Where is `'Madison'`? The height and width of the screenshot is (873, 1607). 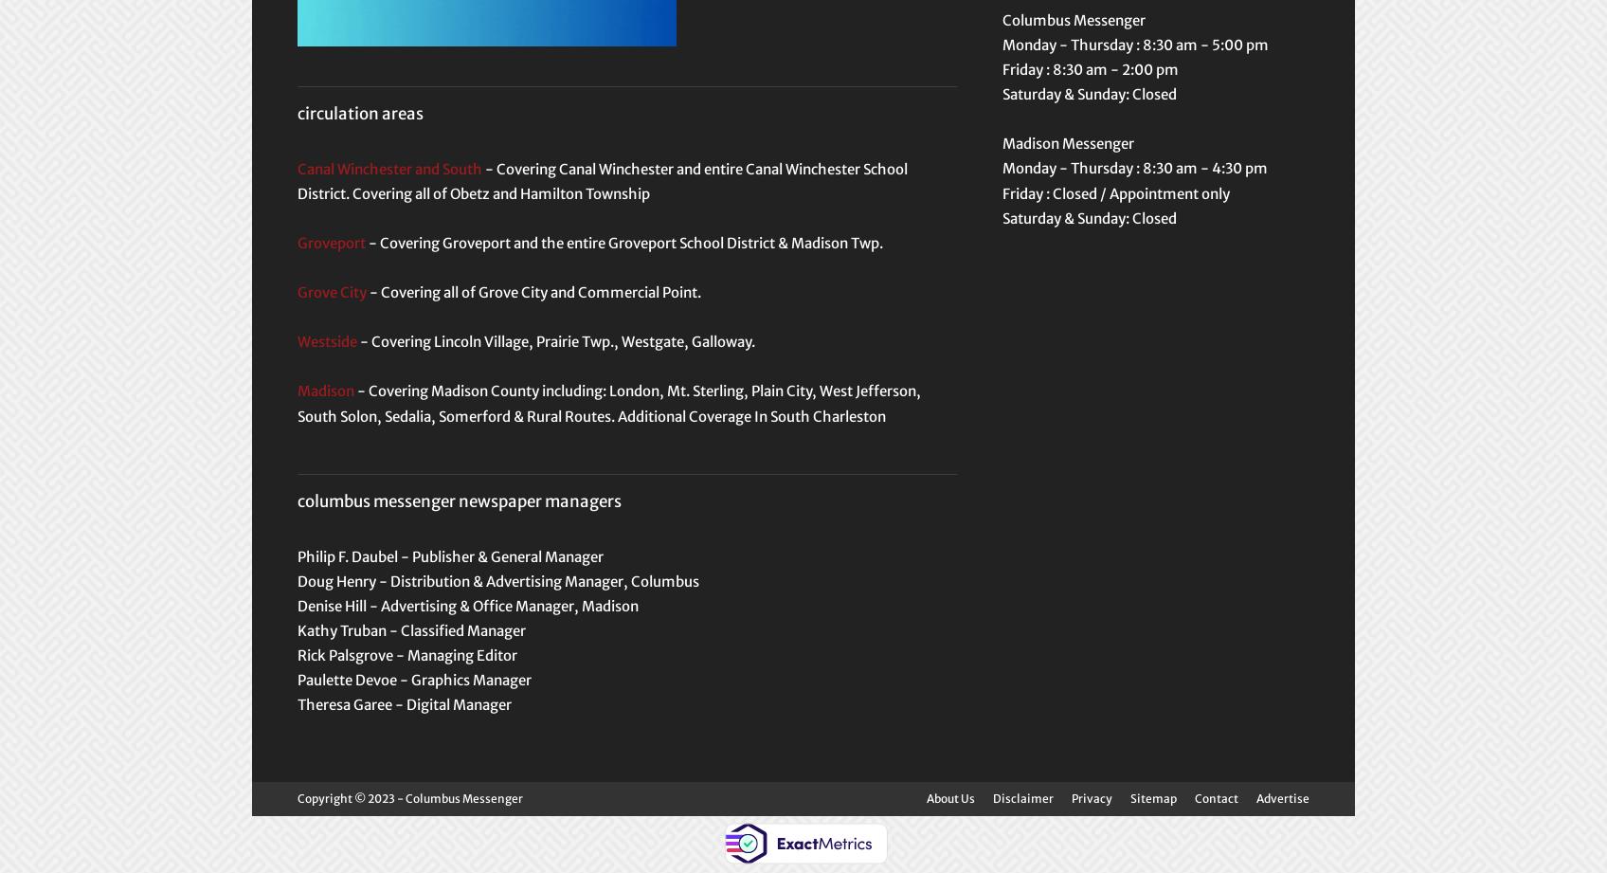
'Madison' is located at coordinates (325, 391).